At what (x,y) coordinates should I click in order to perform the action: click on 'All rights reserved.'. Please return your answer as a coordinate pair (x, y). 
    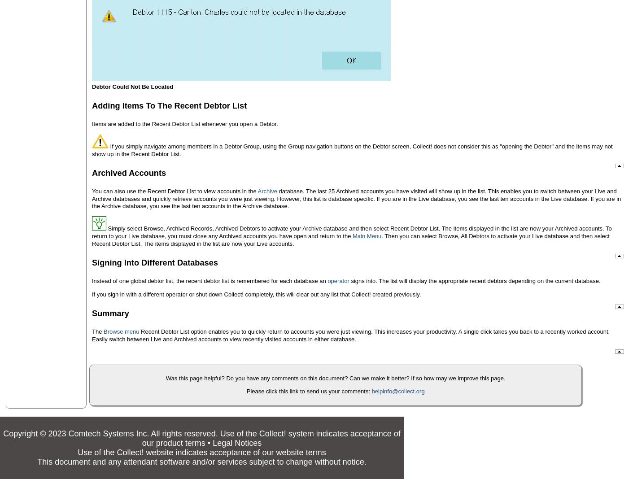
    Looking at the image, I should click on (184, 433).